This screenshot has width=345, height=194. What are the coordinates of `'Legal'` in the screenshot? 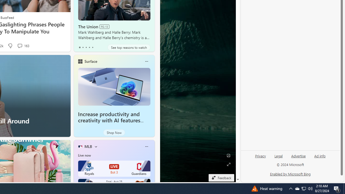 It's located at (278, 156).